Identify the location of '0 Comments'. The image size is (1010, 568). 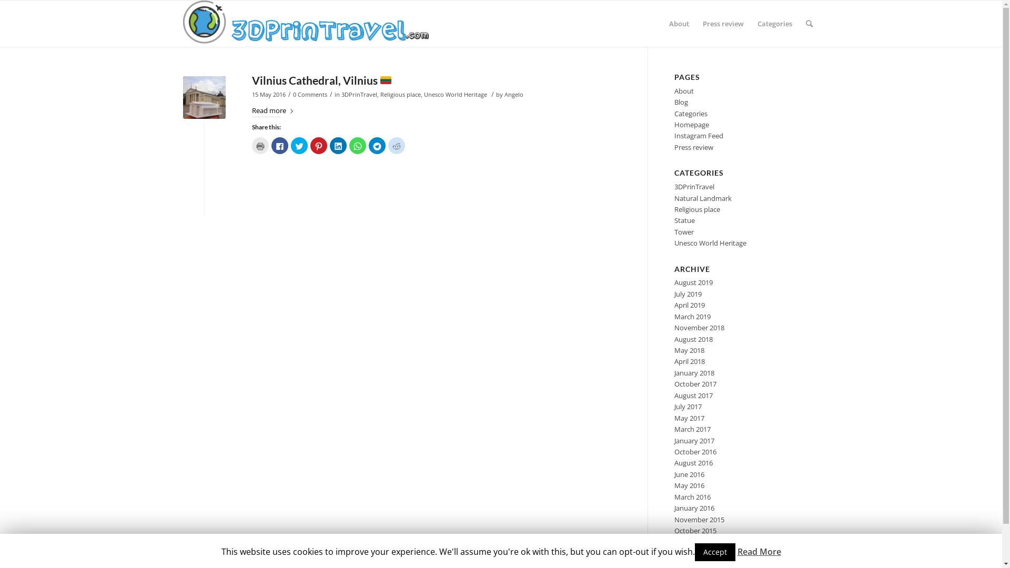
(309, 95).